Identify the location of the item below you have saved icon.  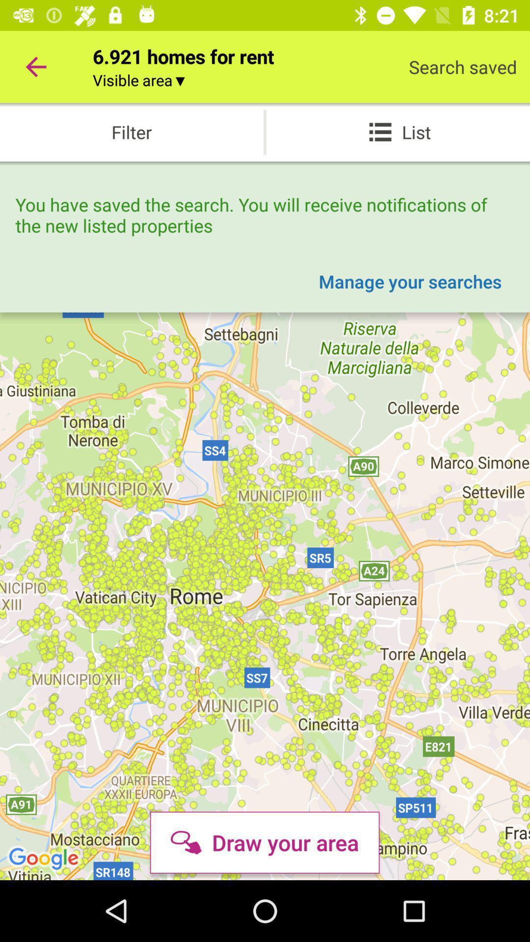
(410, 281).